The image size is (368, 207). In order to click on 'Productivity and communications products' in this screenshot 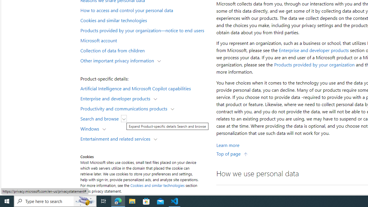, I will do `click(125, 108)`.